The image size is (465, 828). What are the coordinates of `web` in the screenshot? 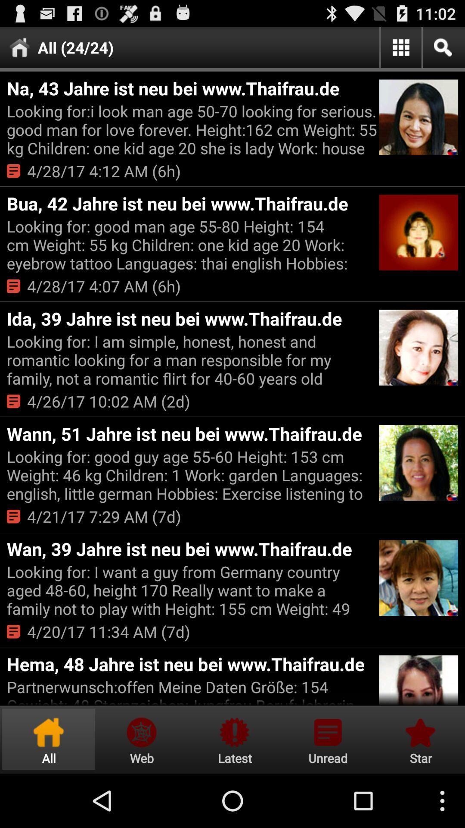 It's located at (141, 739).